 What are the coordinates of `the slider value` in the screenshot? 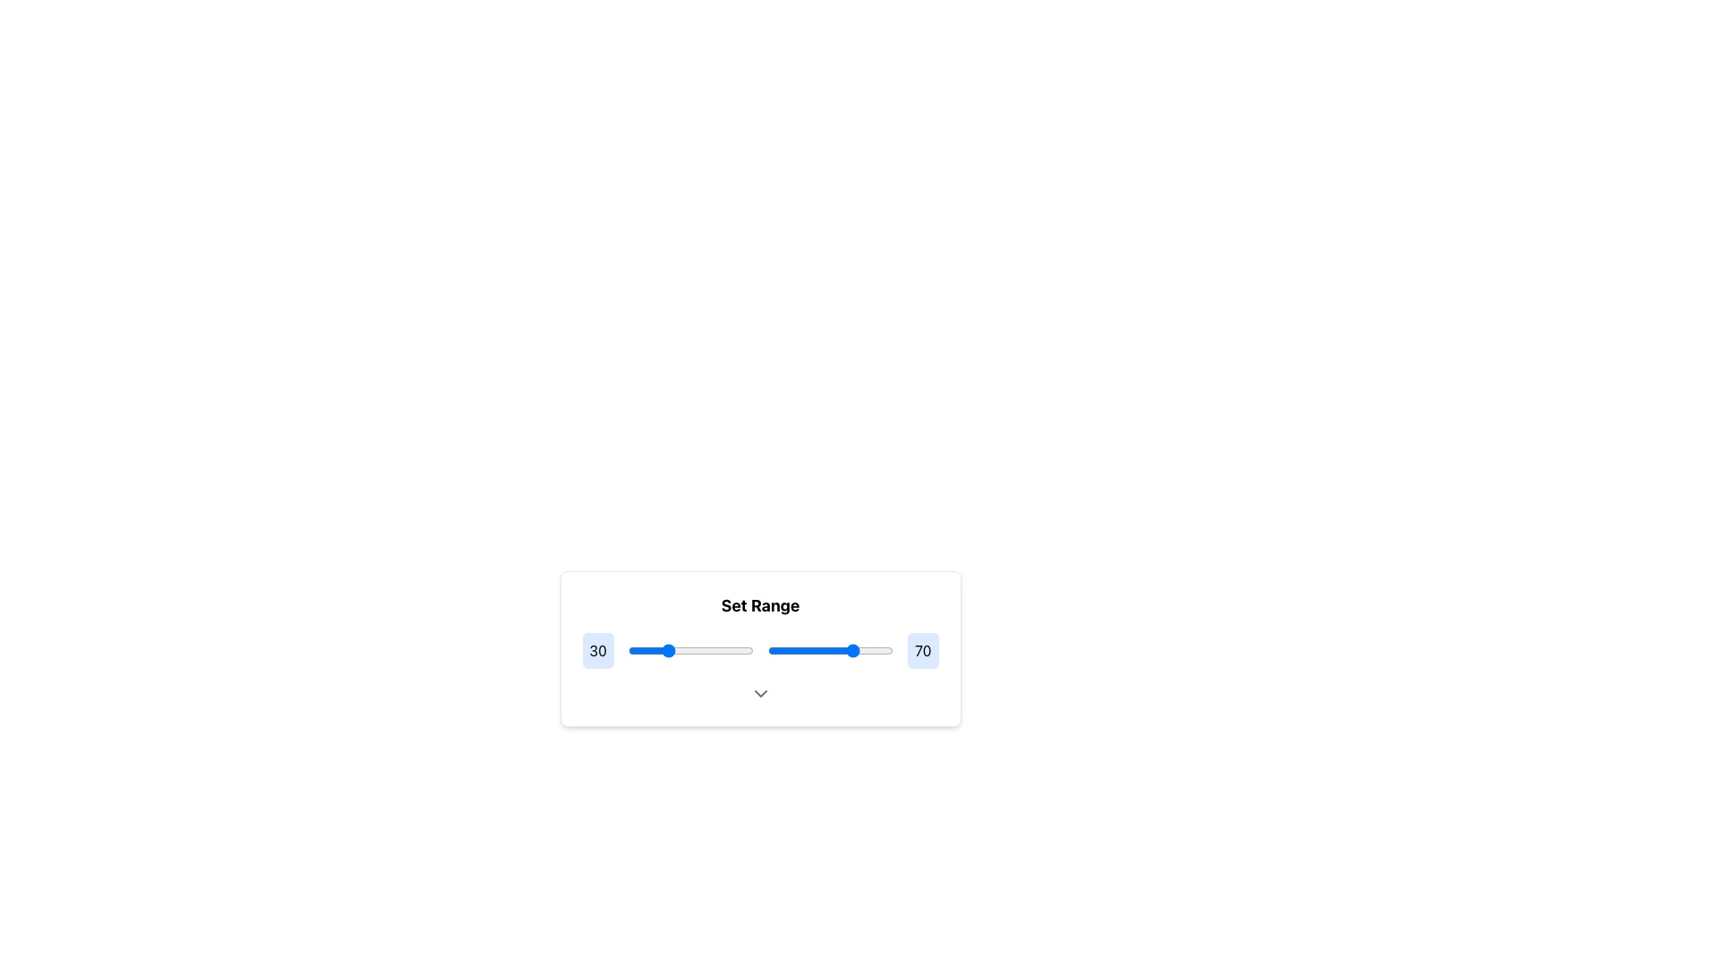 It's located at (695, 650).